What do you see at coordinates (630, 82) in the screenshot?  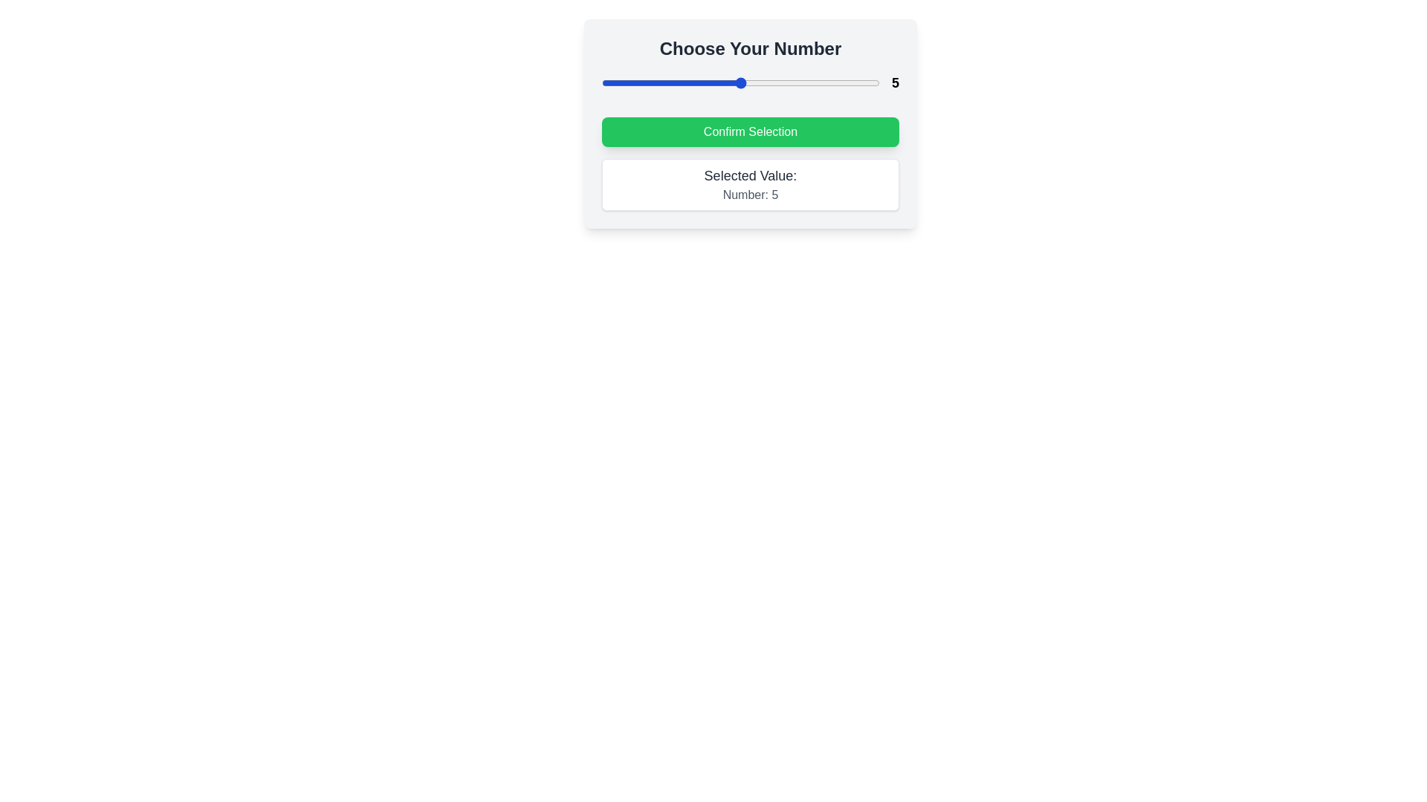 I see `the slider value` at bounding box center [630, 82].